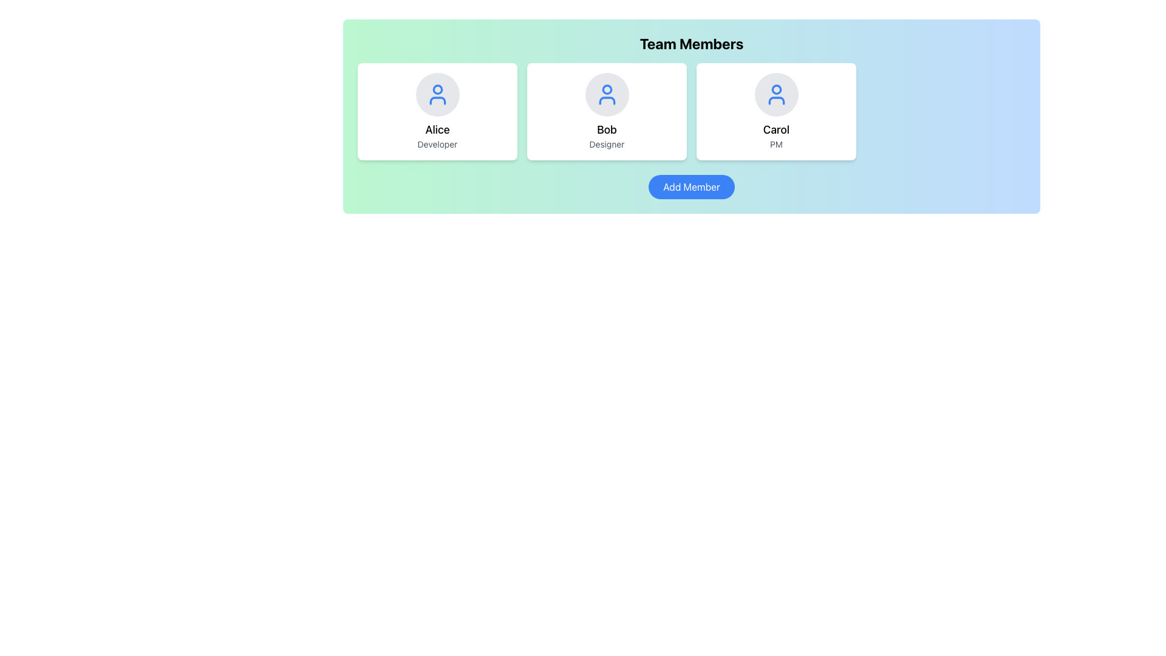 The image size is (1166, 656). What do you see at coordinates (607, 94) in the screenshot?
I see `the Profile Icon or Avatar Placeholder located at the center-top of the 'Bob Designer' card, which is a circular visual element above the text 'Bob.'` at bounding box center [607, 94].